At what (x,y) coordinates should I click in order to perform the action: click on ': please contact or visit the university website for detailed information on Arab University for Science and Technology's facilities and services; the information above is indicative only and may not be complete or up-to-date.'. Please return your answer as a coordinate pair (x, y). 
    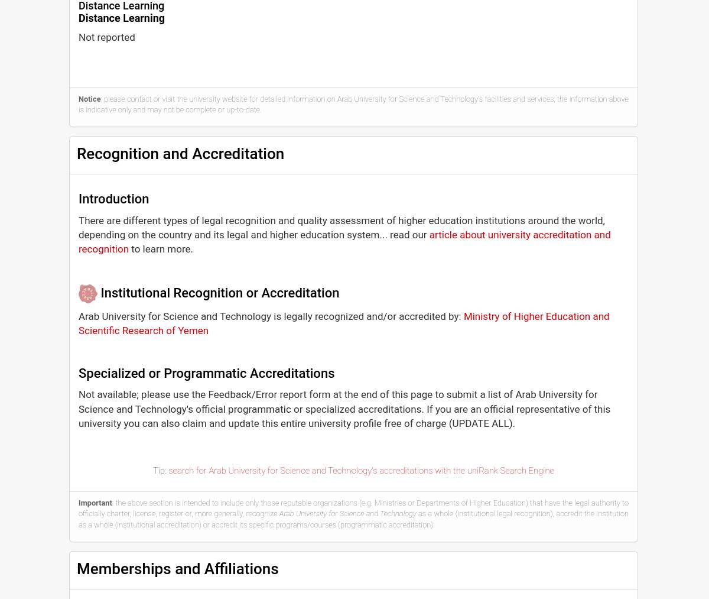
    Looking at the image, I should click on (353, 103).